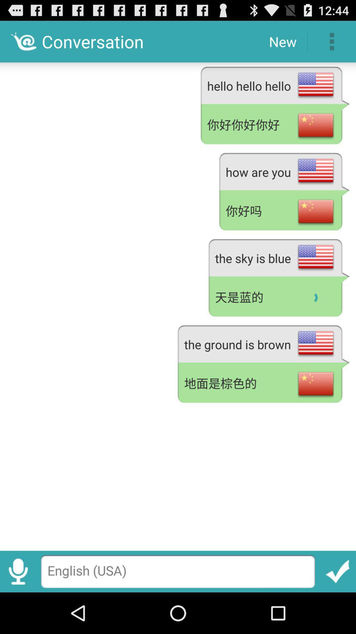  Describe the element at coordinates (263, 384) in the screenshot. I see `app below the the ground is app` at that location.